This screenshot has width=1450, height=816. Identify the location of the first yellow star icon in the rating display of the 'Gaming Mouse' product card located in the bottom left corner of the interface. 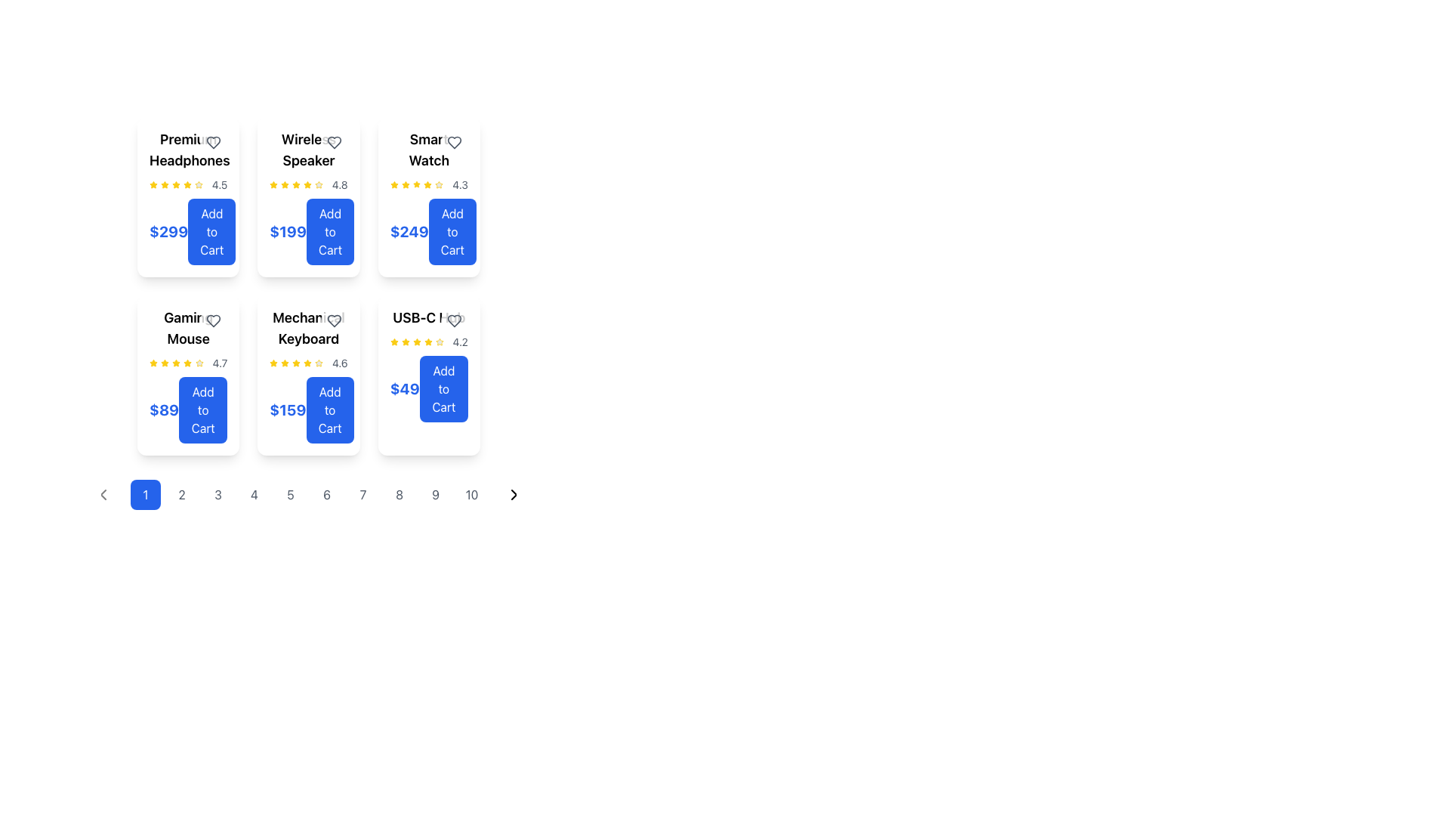
(153, 363).